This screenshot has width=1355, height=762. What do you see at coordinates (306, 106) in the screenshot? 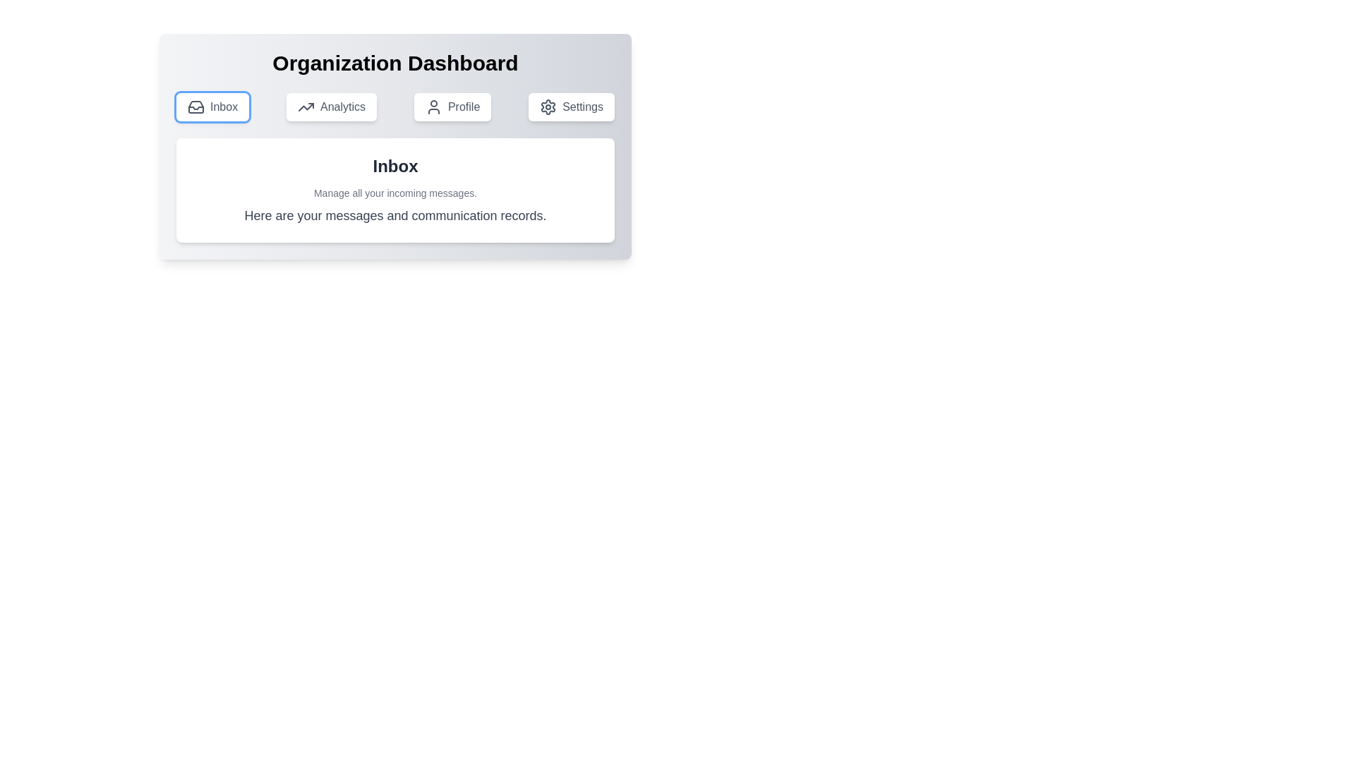
I see `the thick, slanted line forming an upward trend symbol, which is part of the SVG icon located to the left of the 'Analytics' label` at bounding box center [306, 106].